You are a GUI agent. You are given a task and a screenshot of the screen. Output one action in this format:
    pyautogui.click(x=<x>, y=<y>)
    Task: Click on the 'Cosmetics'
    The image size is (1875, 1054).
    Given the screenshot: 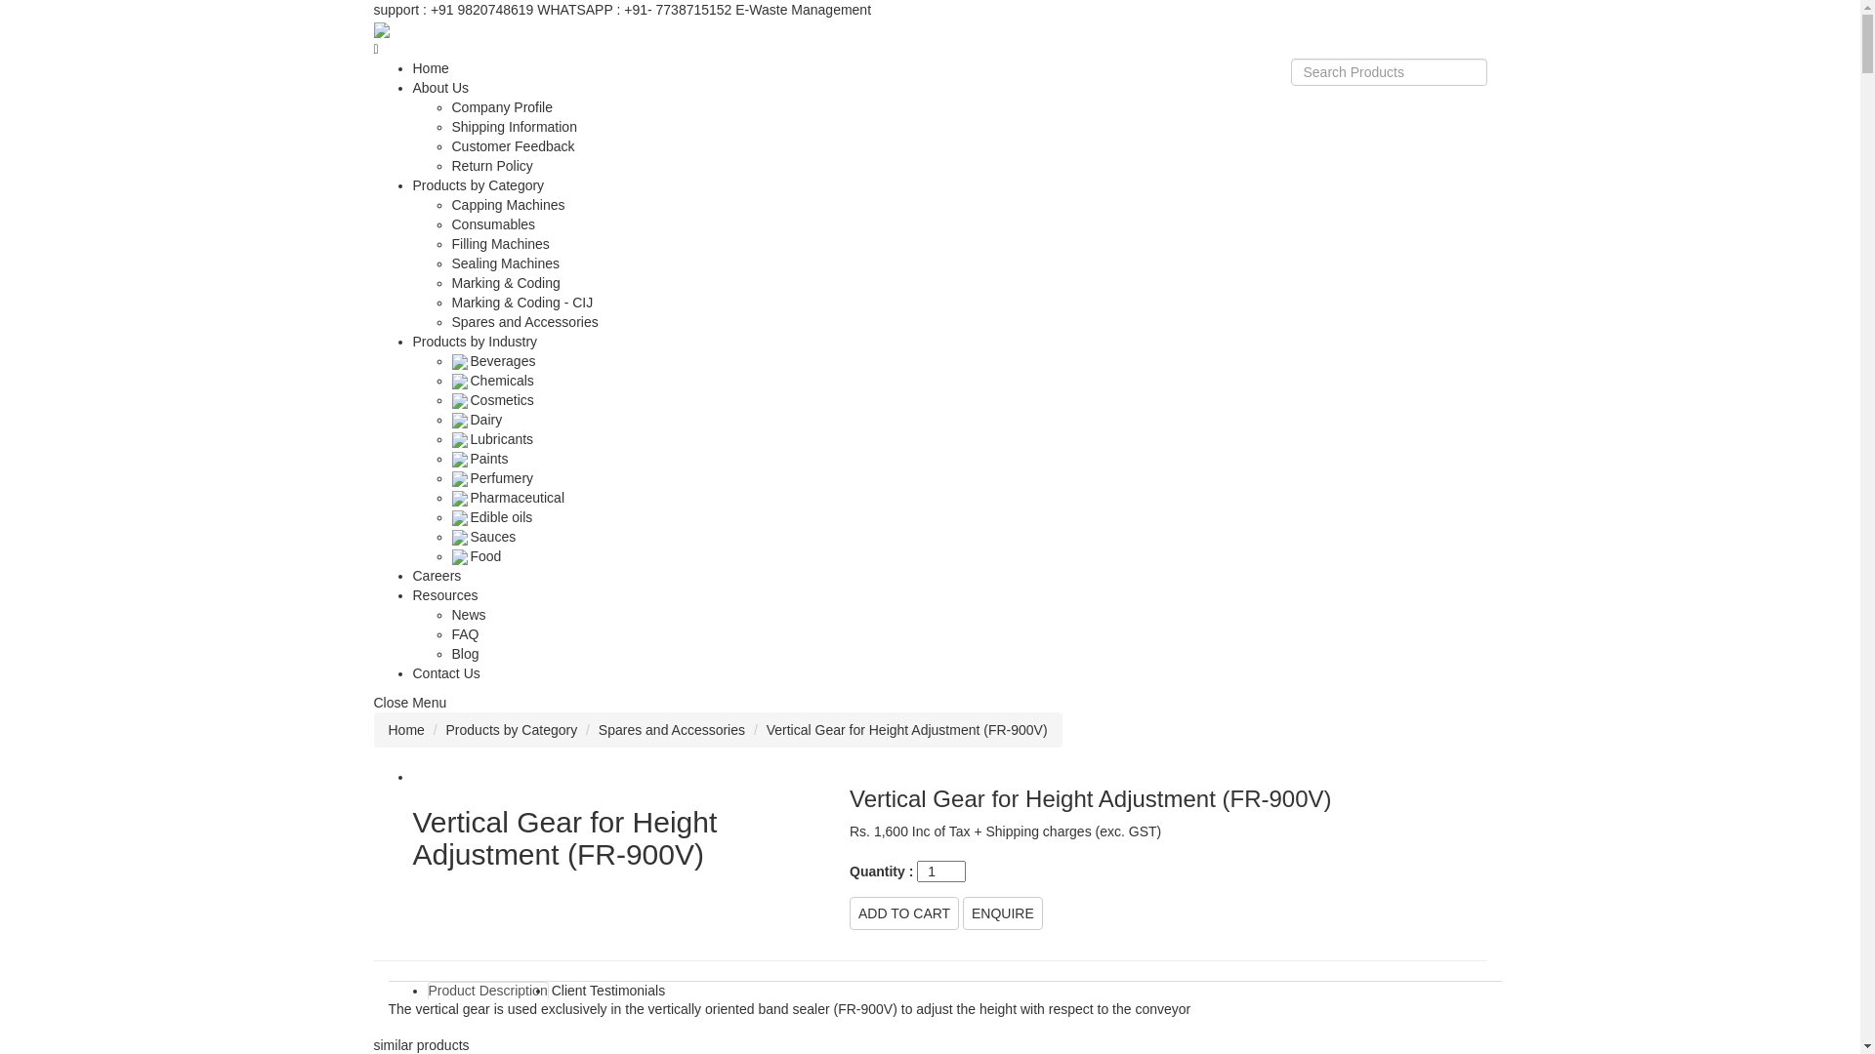 What is the action you would take?
    pyautogui.click(x=492, y=398)
    